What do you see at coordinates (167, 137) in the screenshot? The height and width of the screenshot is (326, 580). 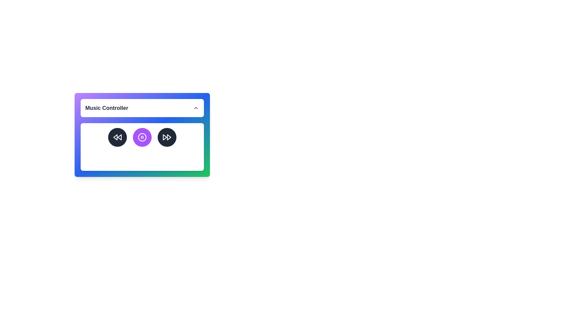 I see `the 'Fast Forward' button to skip to the next track` at bounding box center [167, 137].